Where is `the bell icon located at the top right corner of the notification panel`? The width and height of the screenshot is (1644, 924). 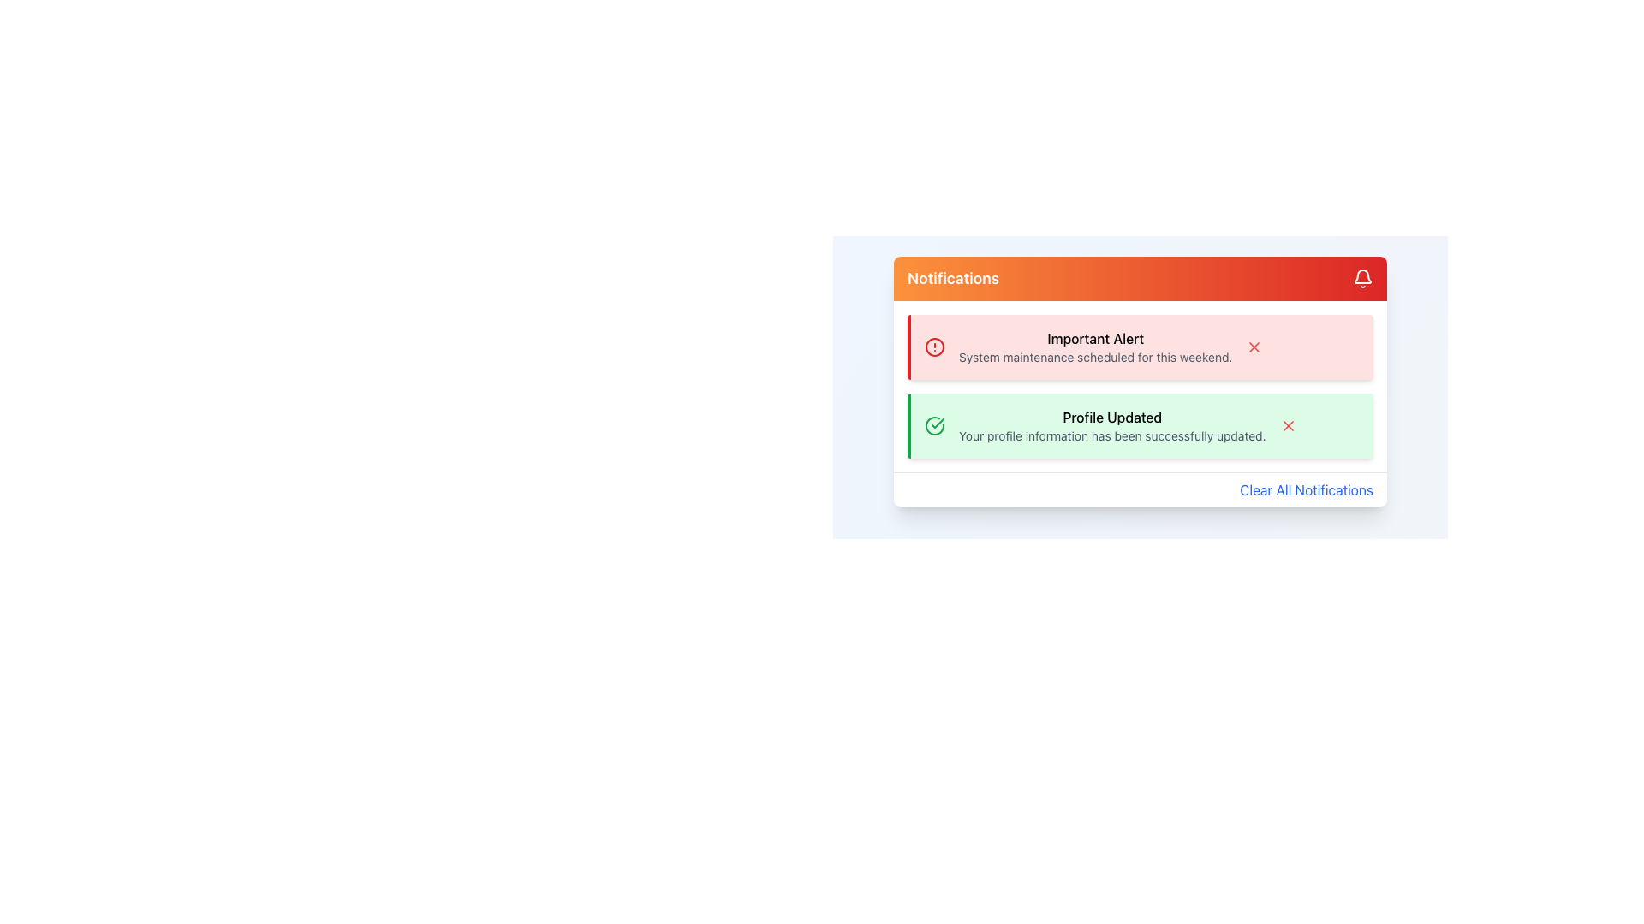
the bell icon located at the top right corner of the notification panel is located at coordinates (1362, 278).